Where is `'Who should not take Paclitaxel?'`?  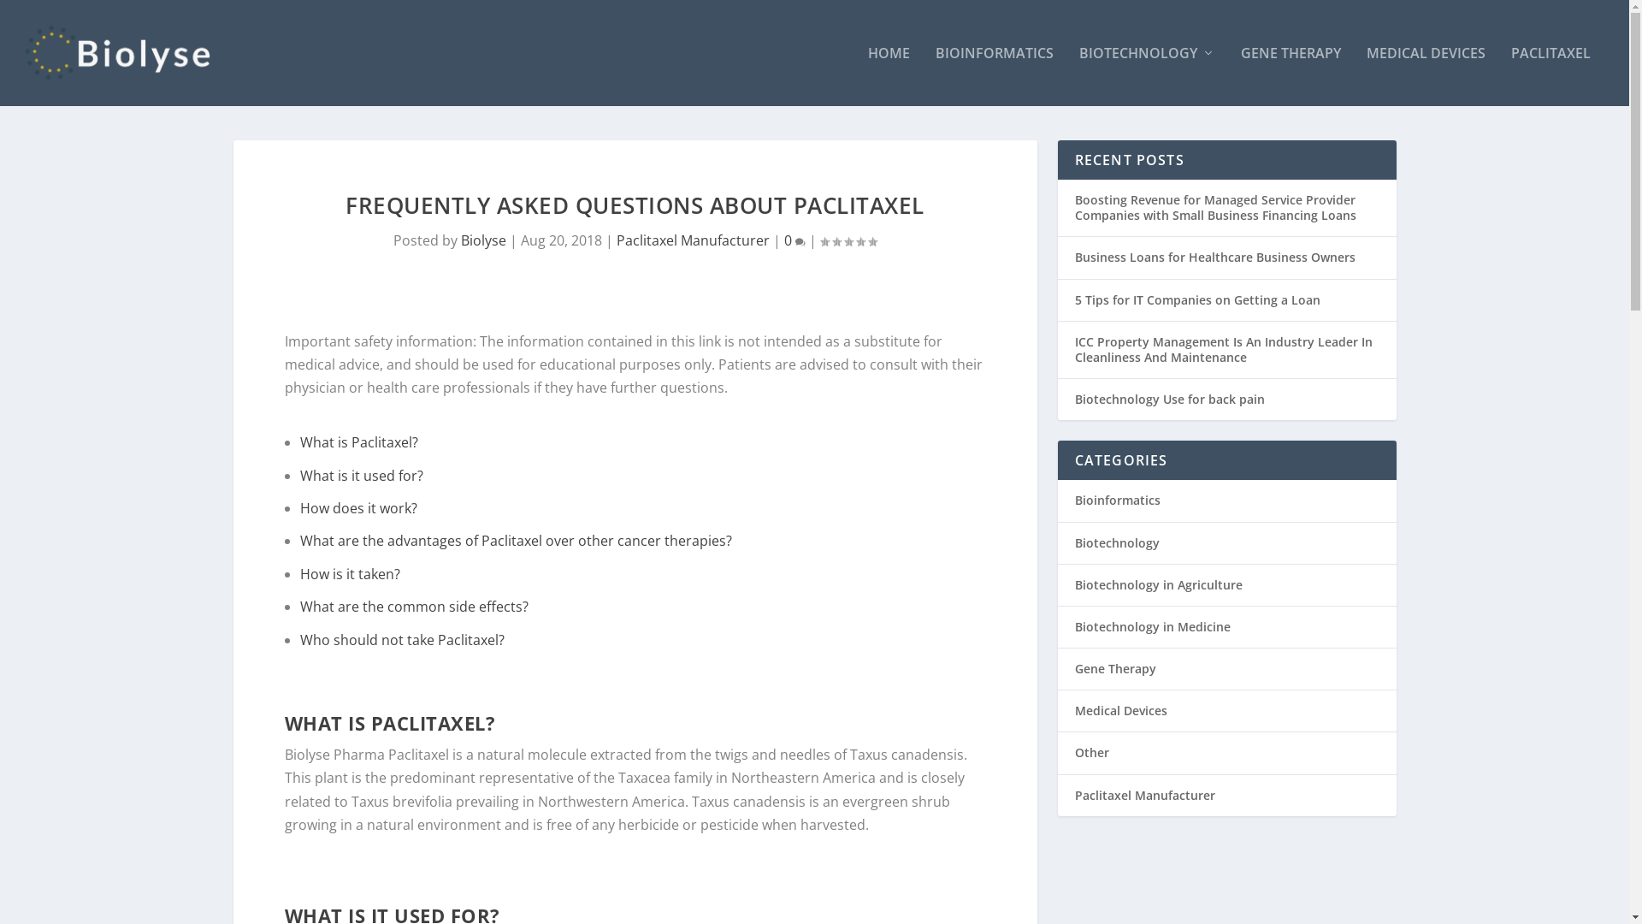 'Who should not take Paclitaxel?' is located at coordinates (401, 640).